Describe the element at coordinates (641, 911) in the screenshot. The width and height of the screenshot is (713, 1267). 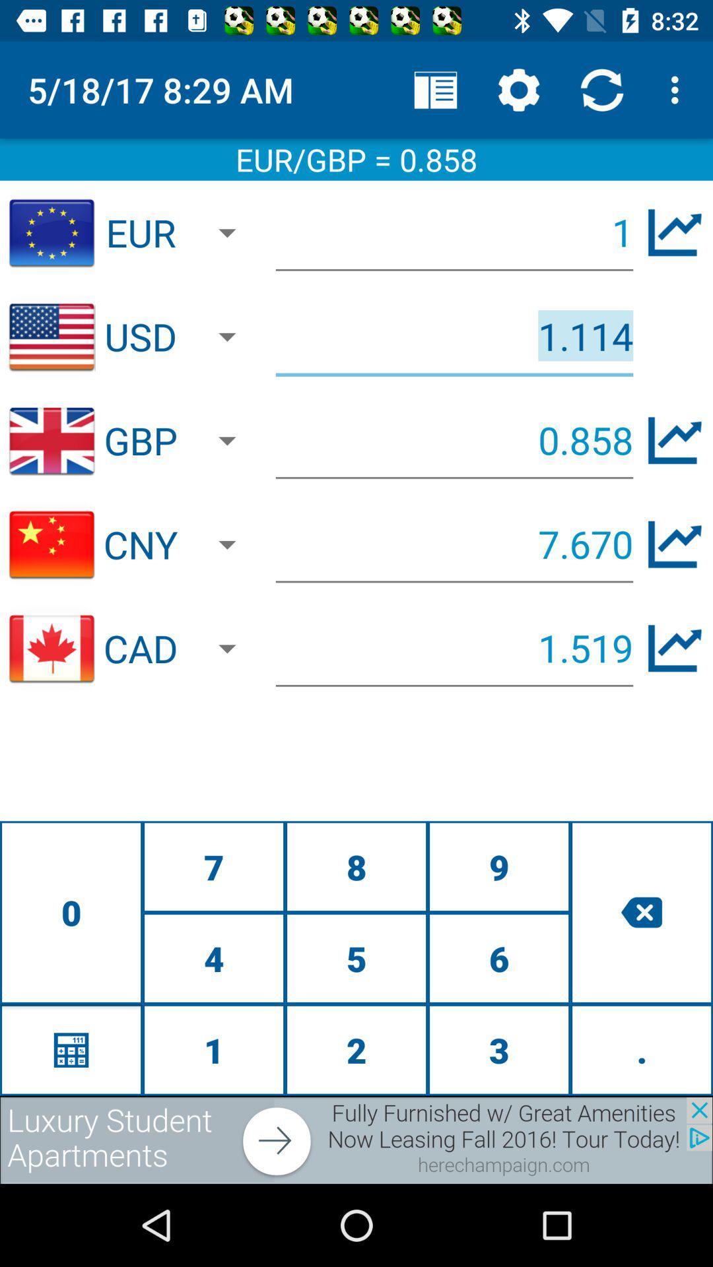
I see `the close icon` at that location.